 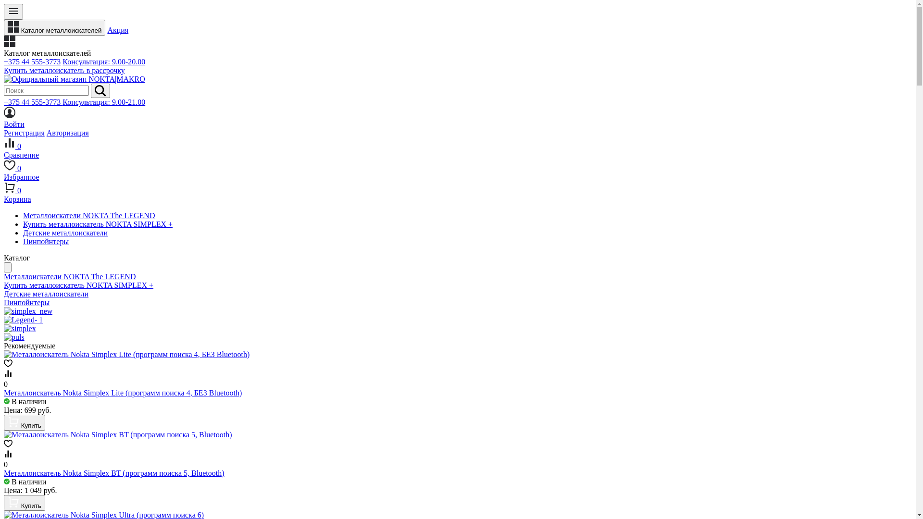 I want to click on '+375 44 555-3773', so click(x=32, y=62).